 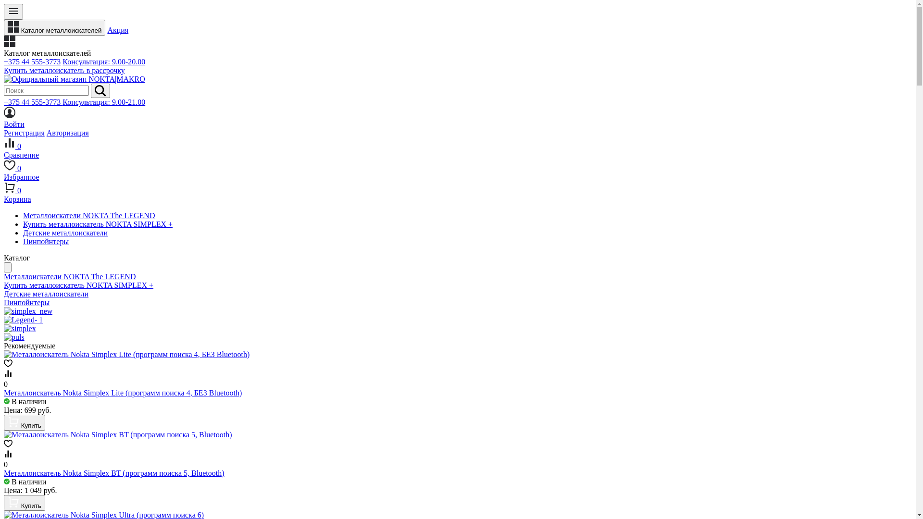 I want to click on '+375 44 555-3773', so click(x=32, y=62).